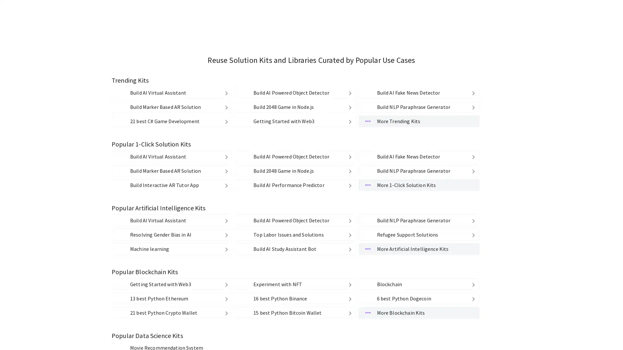 The height and width of the screenshot is (350, 623). What do you see at coordinates (368, 191) in the screenshot?
I see `Source Code Source Code` at bounding box center [368, 191].